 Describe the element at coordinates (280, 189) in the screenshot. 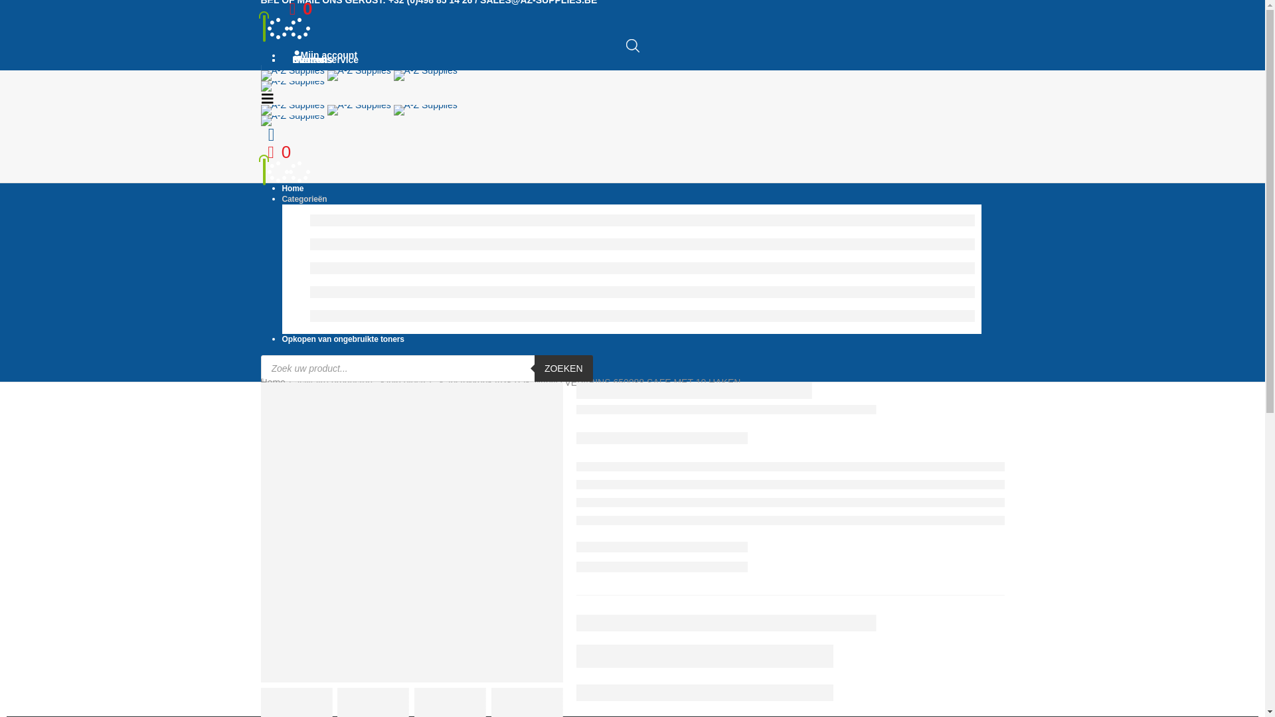

I see `'Home'` at that location.